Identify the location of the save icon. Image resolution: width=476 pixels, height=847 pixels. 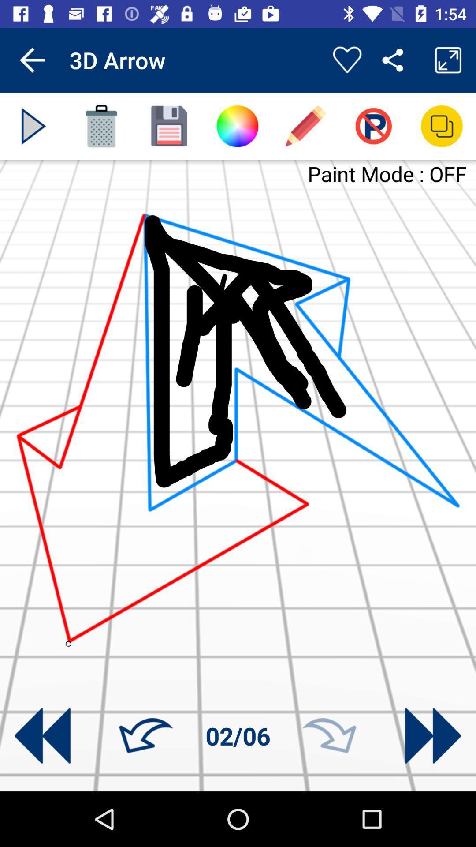
(169, 126).